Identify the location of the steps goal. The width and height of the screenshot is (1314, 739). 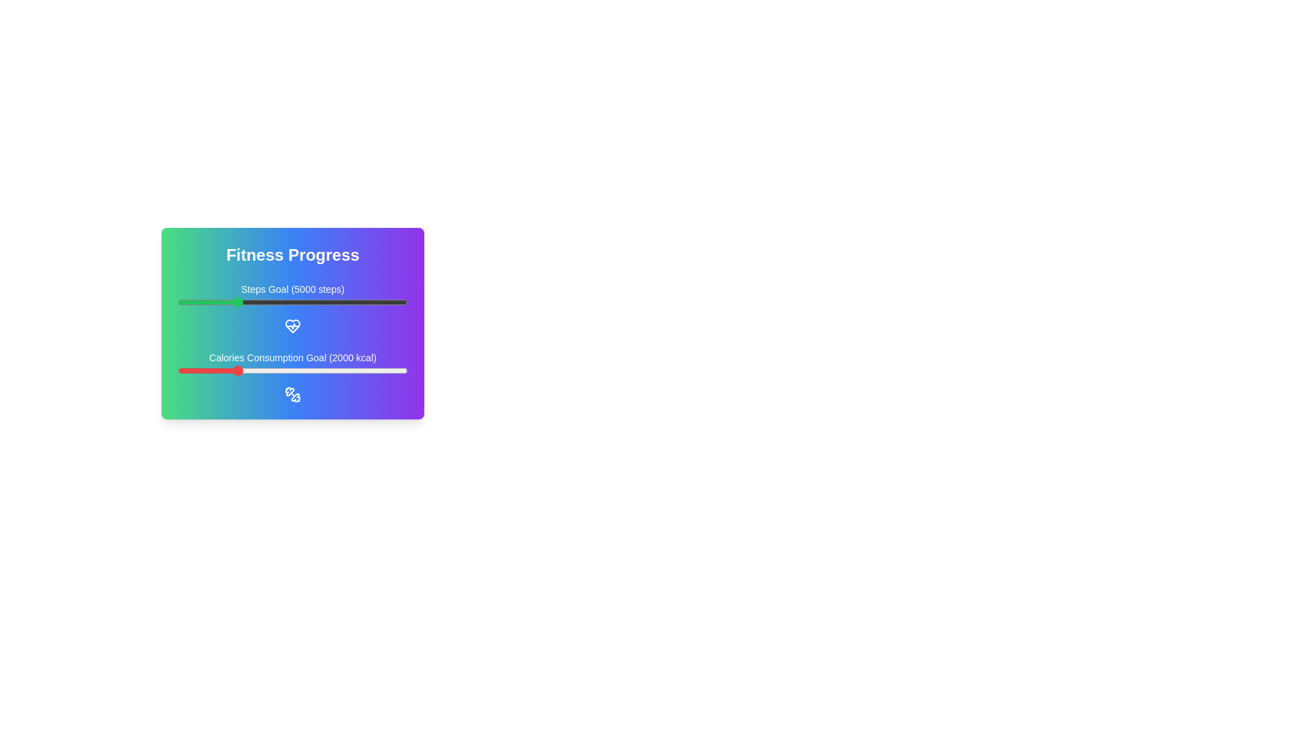
(196, 302).